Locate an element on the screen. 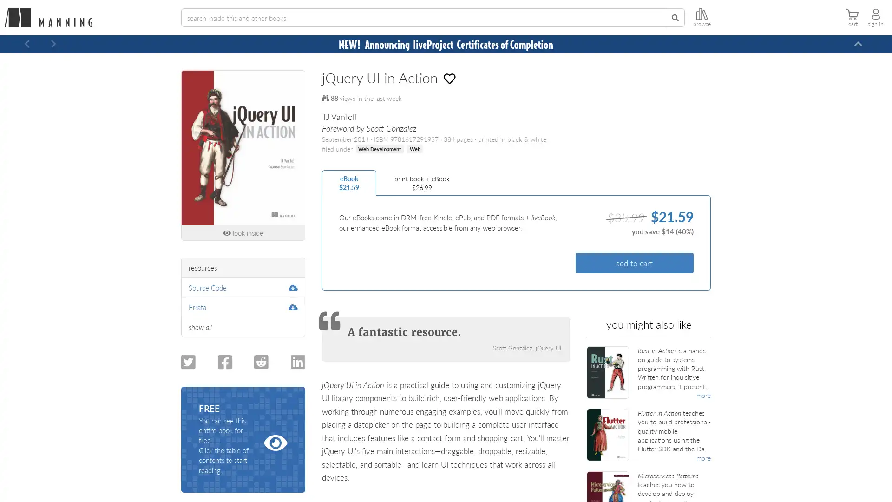  Next is located at coordinates (53, 44).